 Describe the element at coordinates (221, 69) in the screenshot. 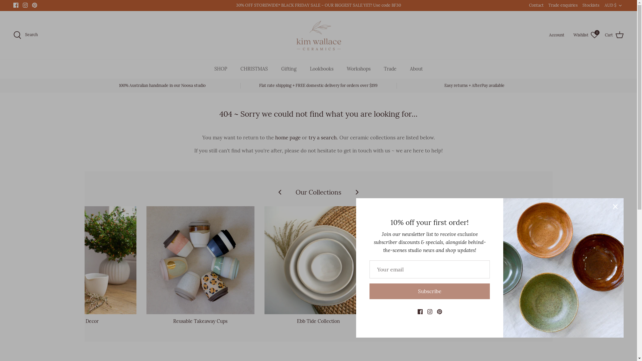

I see `'SHOP'` at that location.